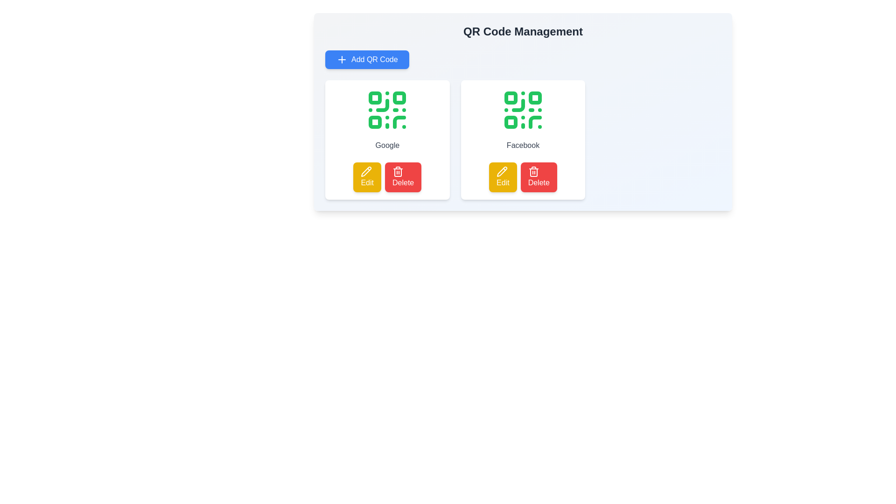 Image resolution: width=896 pixels, height=504 pixels. Describe the element at coordinates (342, 59) in the screenshot. I see `the plus icon within the 'Add QR Code' button, which has a blue background and white text` at that location.